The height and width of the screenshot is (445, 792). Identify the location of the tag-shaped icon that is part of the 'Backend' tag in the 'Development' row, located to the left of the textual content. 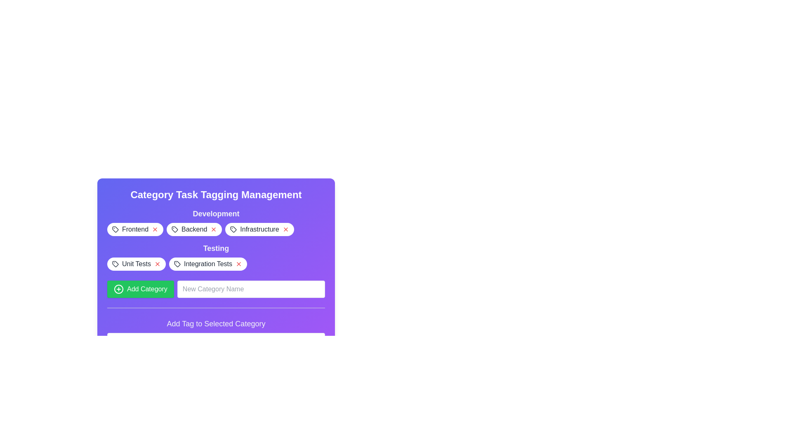
(174, 229).